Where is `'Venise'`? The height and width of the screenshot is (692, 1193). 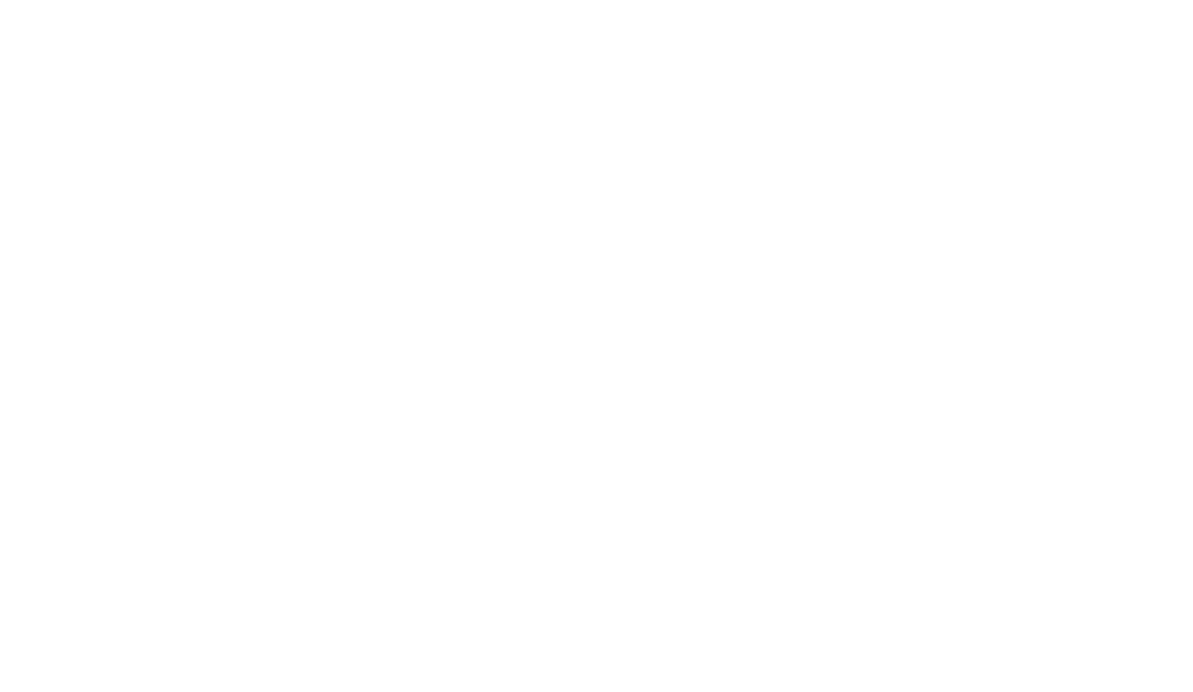 'Venise' is located at coordinates (286, 671).